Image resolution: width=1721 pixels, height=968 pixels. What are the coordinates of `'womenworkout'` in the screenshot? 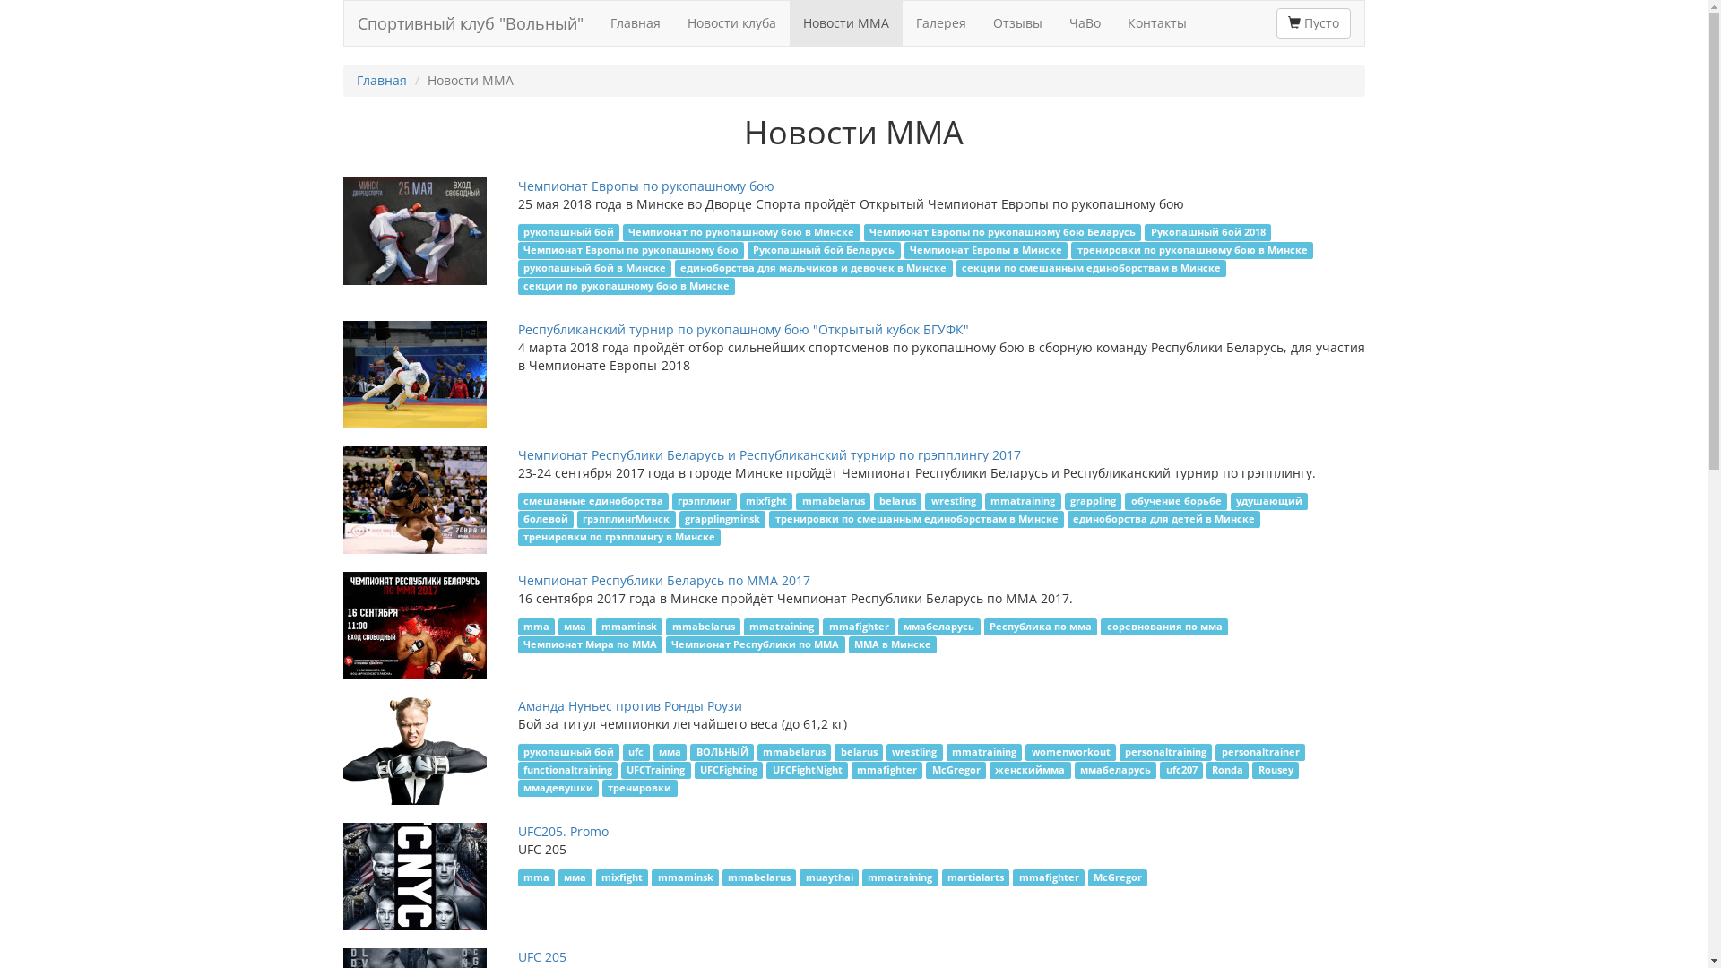 It's located at (1070, 752).